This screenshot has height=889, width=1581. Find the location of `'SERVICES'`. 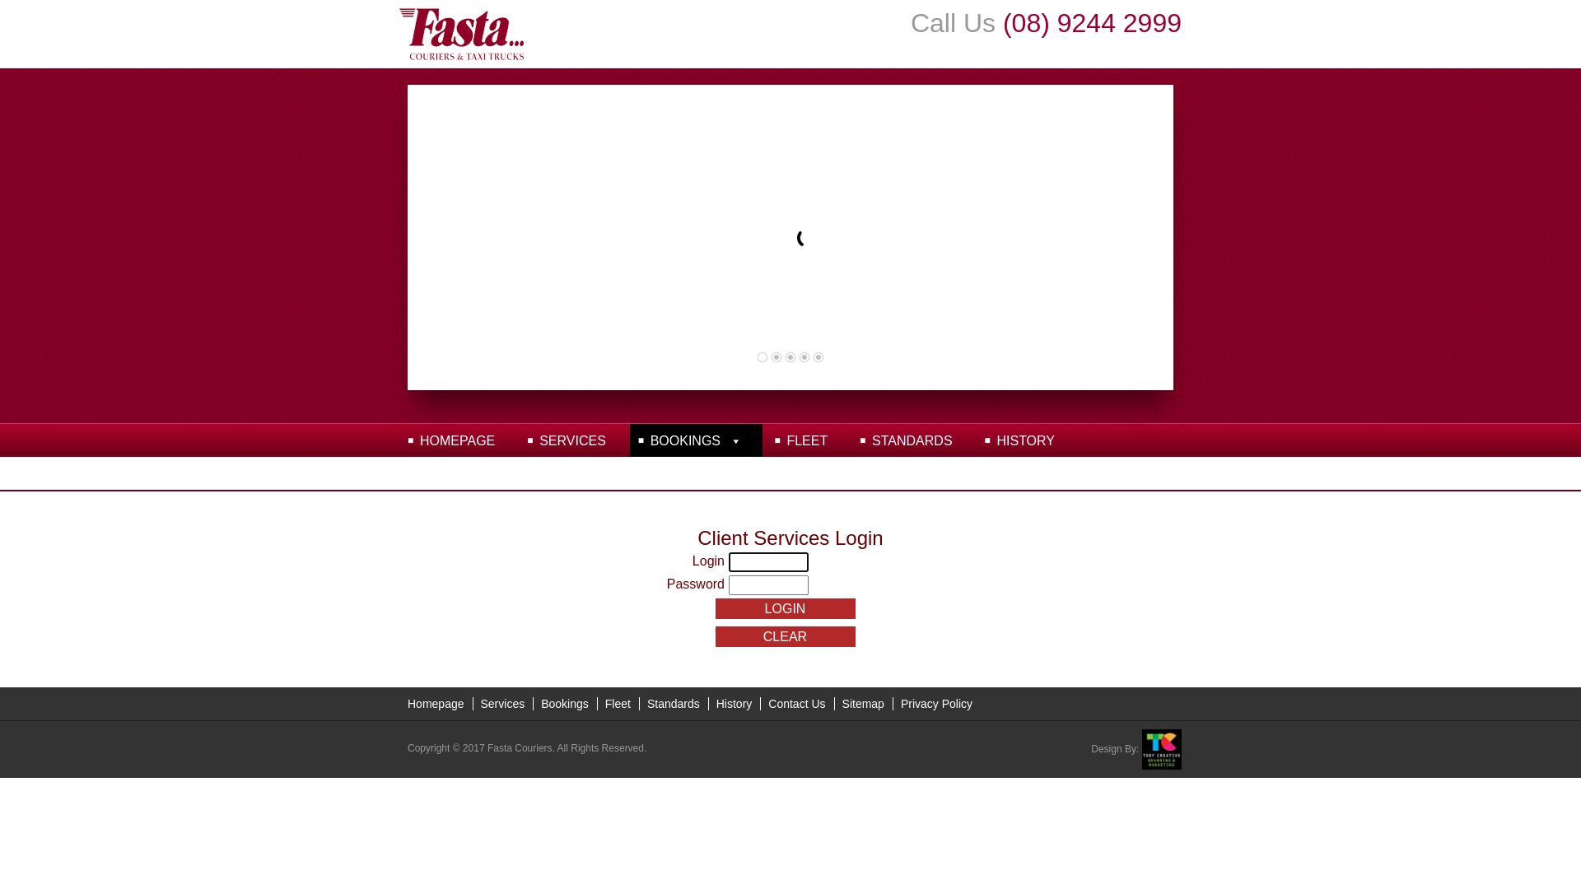

'SERVICES' is located at coordinates (572, 440).